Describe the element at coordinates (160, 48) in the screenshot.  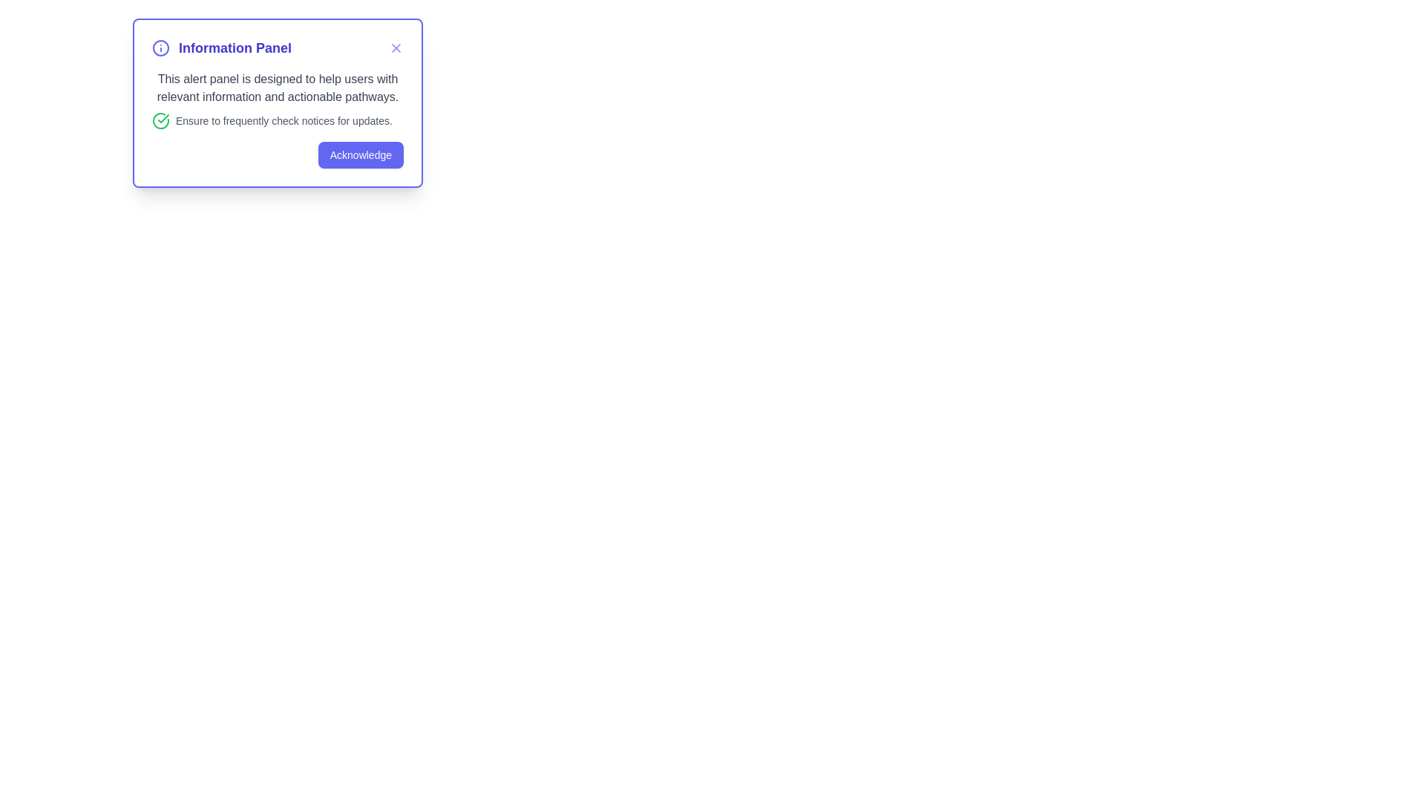
I see `the appearance of the informational icon located at the top-left corner of the alert box, next to the 'Information Panel' text` at that location.